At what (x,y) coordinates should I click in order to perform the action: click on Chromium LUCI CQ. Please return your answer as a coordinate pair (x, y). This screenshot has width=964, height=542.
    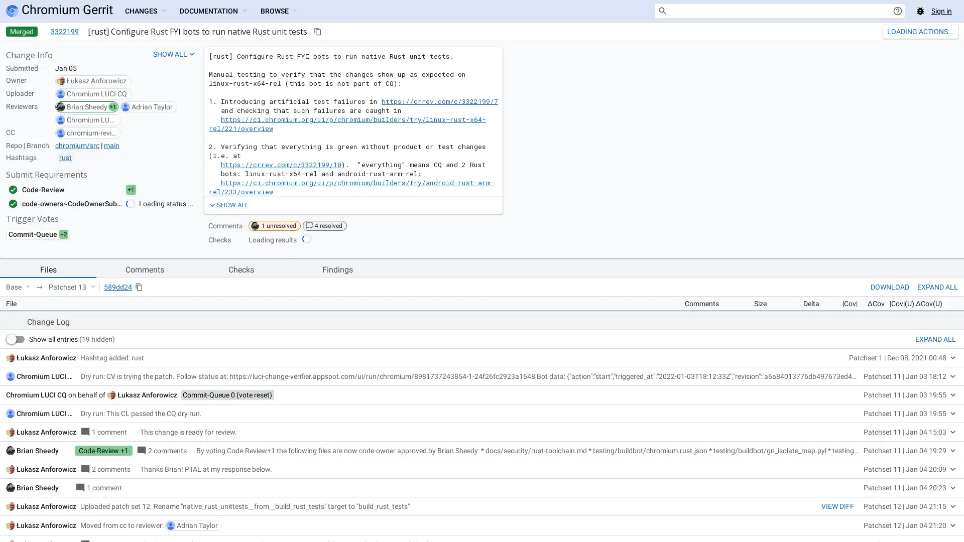
    Looking at the image, I should click on (96, 93).